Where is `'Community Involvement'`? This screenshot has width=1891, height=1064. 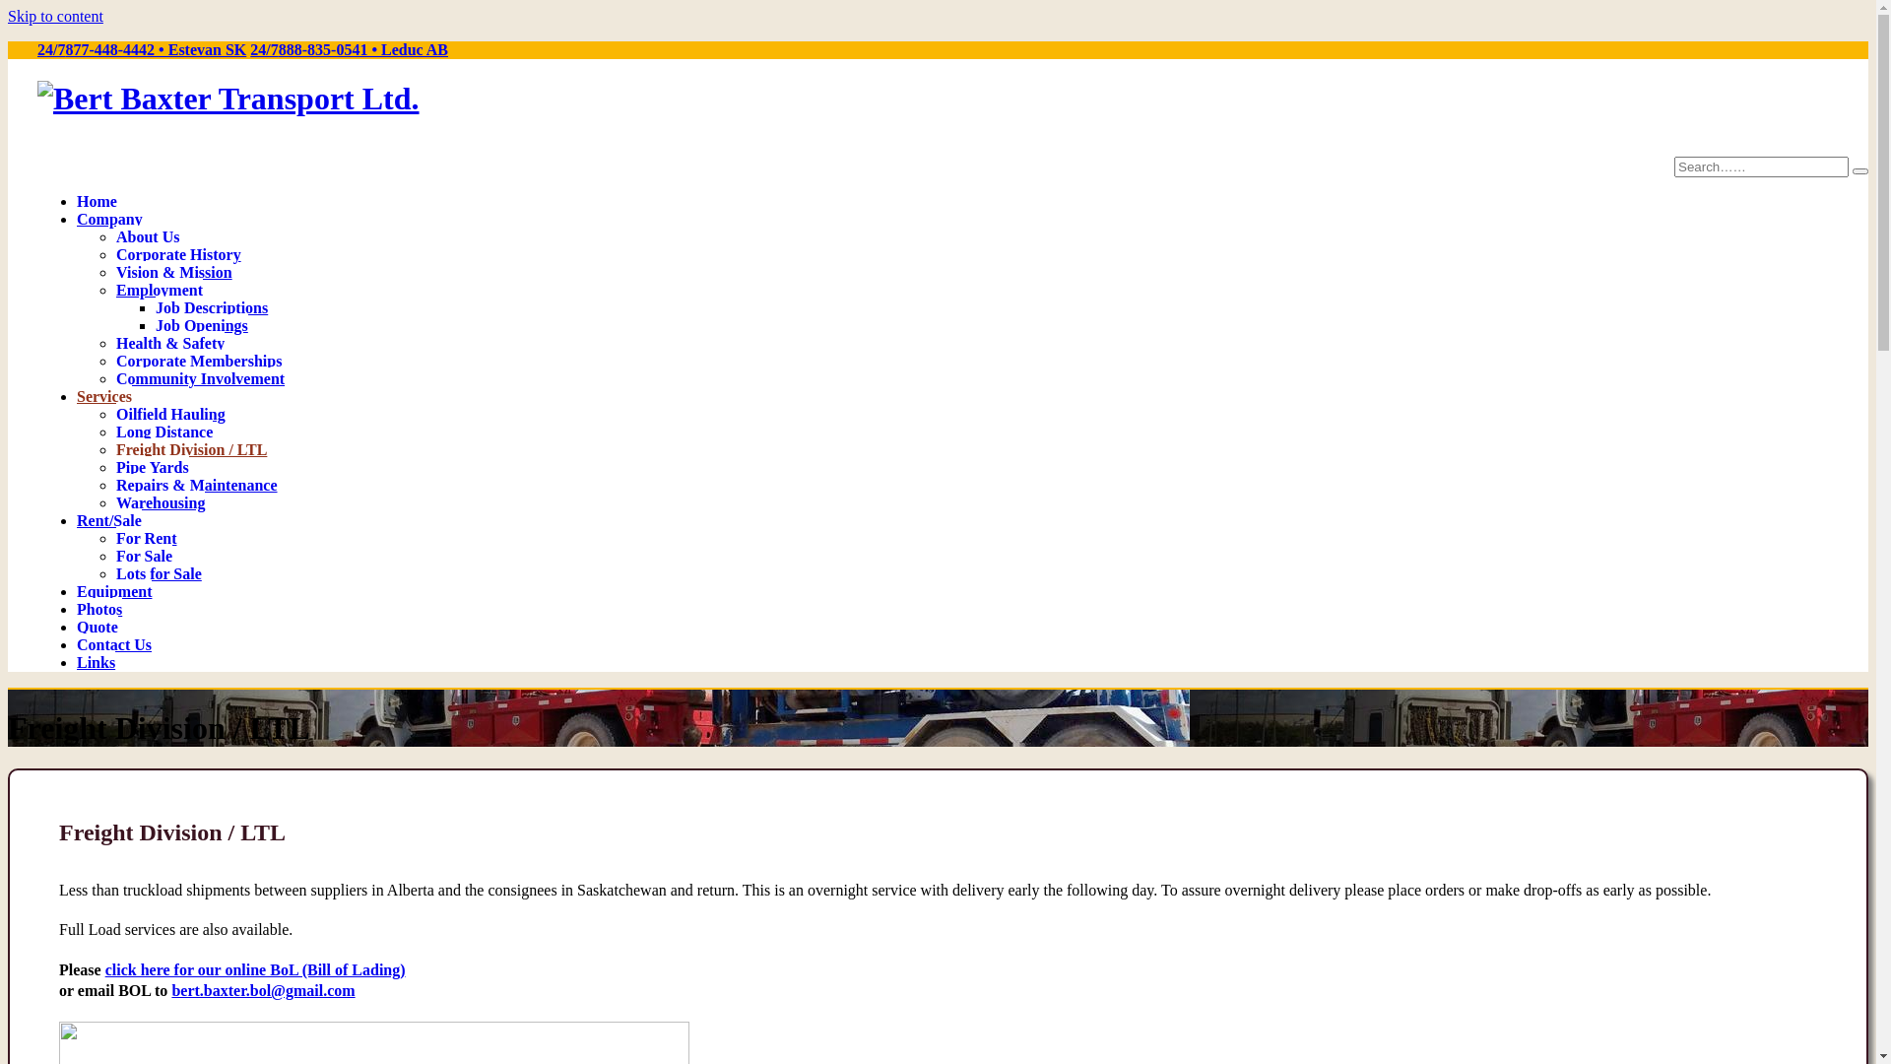
'Community Involvement' is located at coordinates (200, 376).